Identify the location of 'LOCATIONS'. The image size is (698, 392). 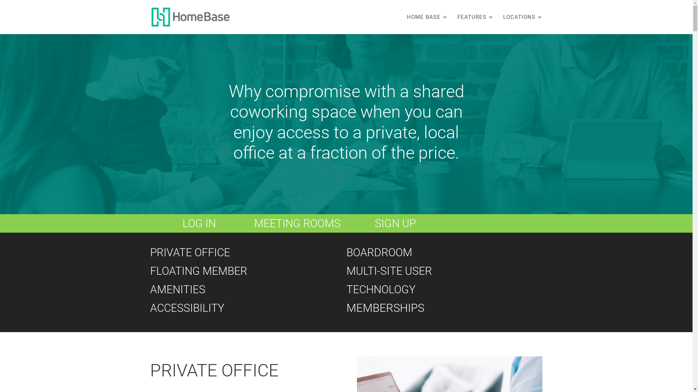
(522, 24).